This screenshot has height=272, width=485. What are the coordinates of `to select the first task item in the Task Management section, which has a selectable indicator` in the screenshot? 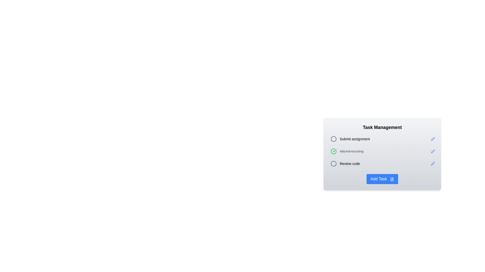 It's located at (349, 139).